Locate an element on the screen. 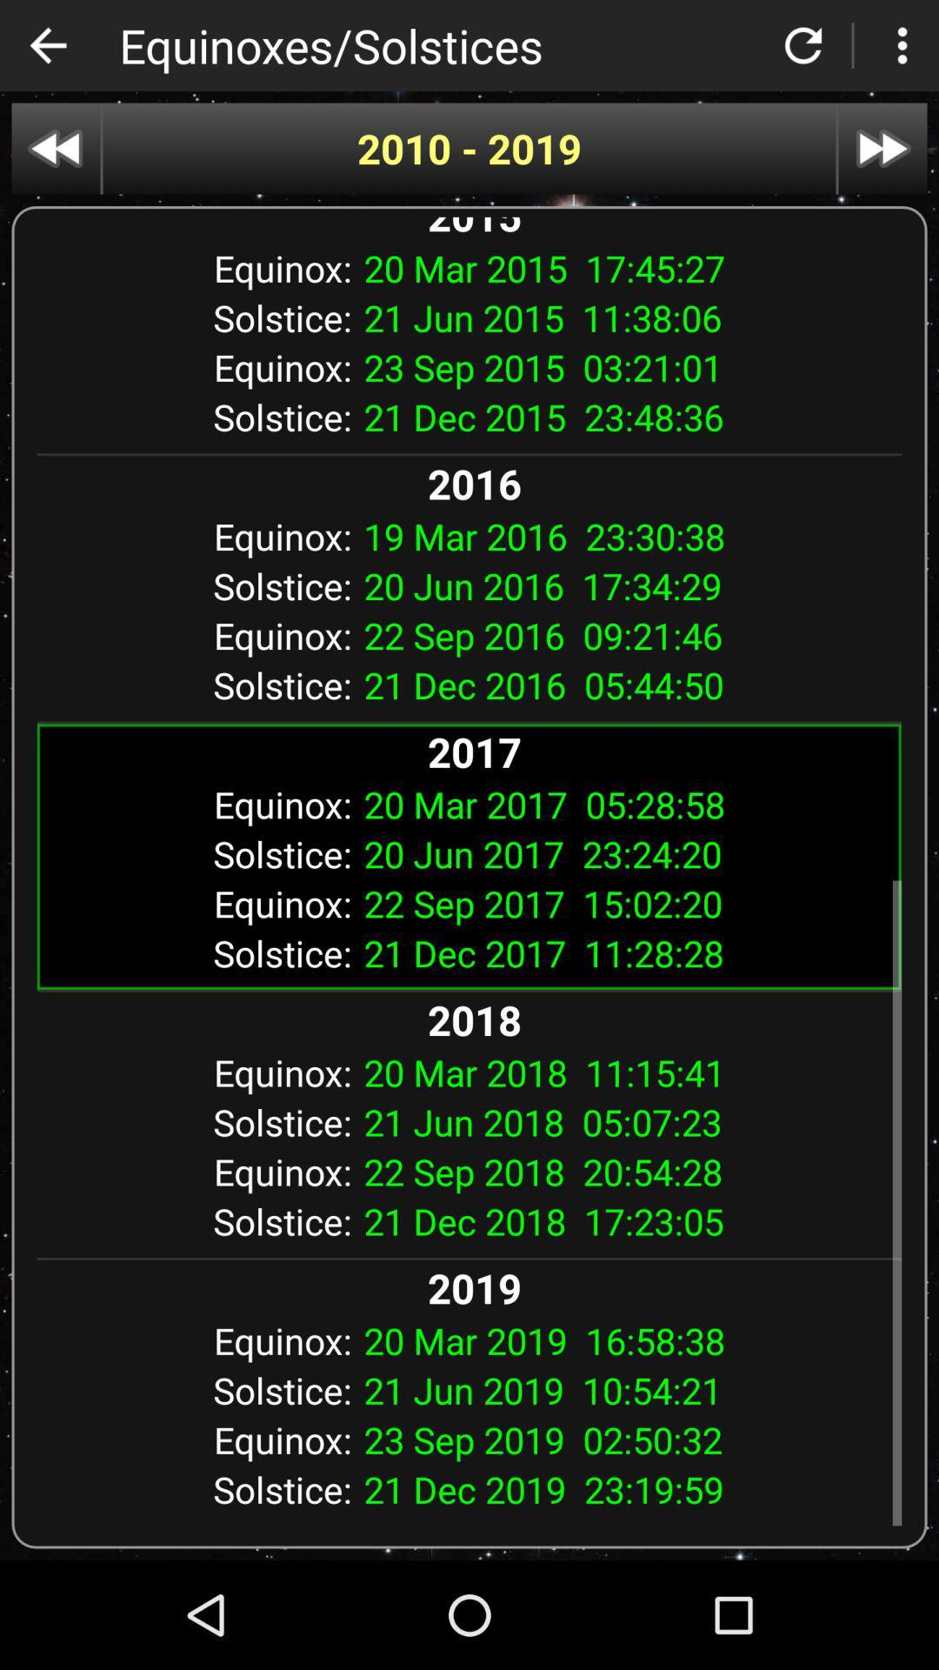  the app next to equinoxes/solstices app is located at coordinates (47, 45).